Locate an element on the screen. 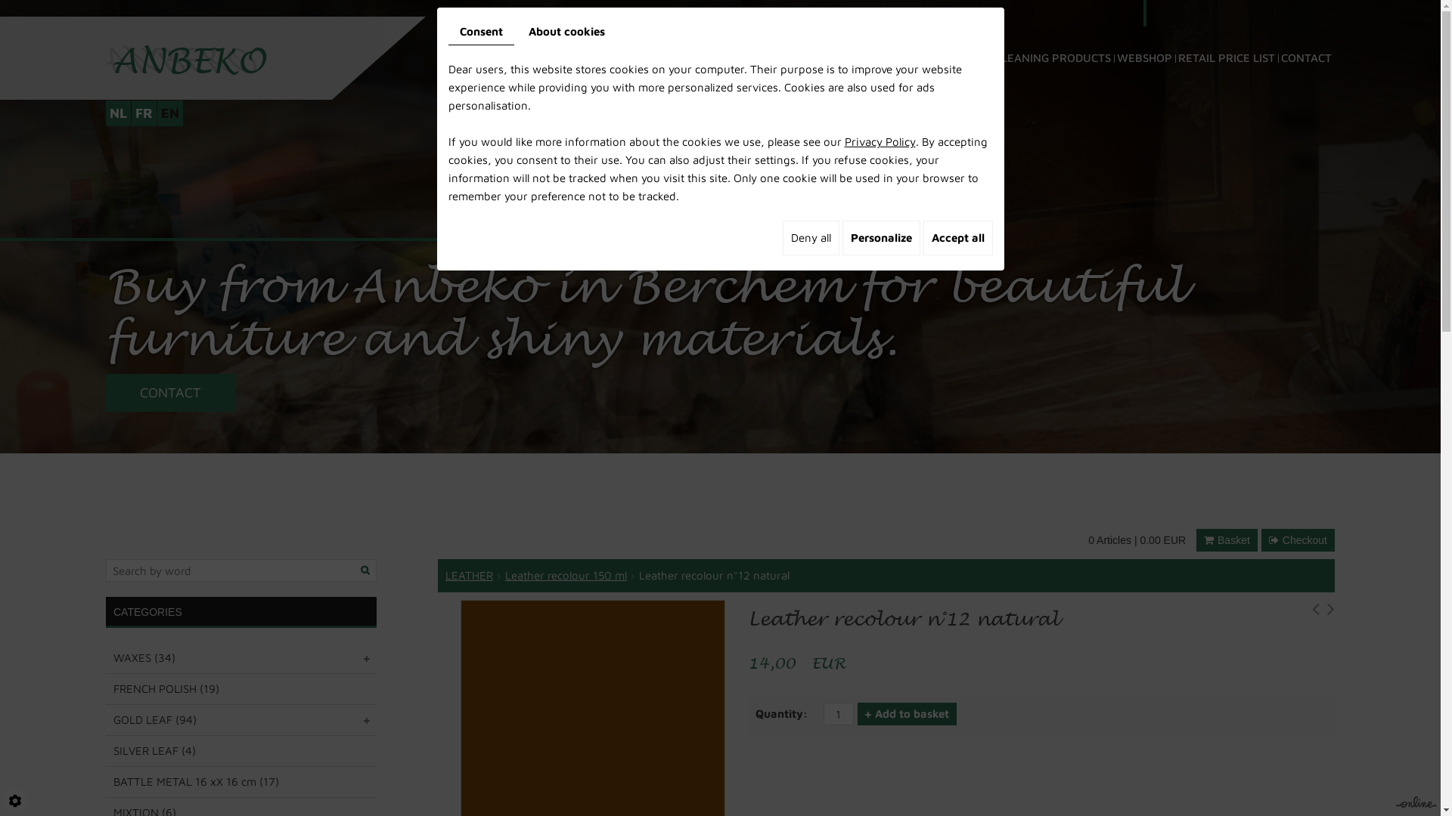 The image size is (1452, 816). 'WEBSHOP' is located at coordinates (1144, 36).